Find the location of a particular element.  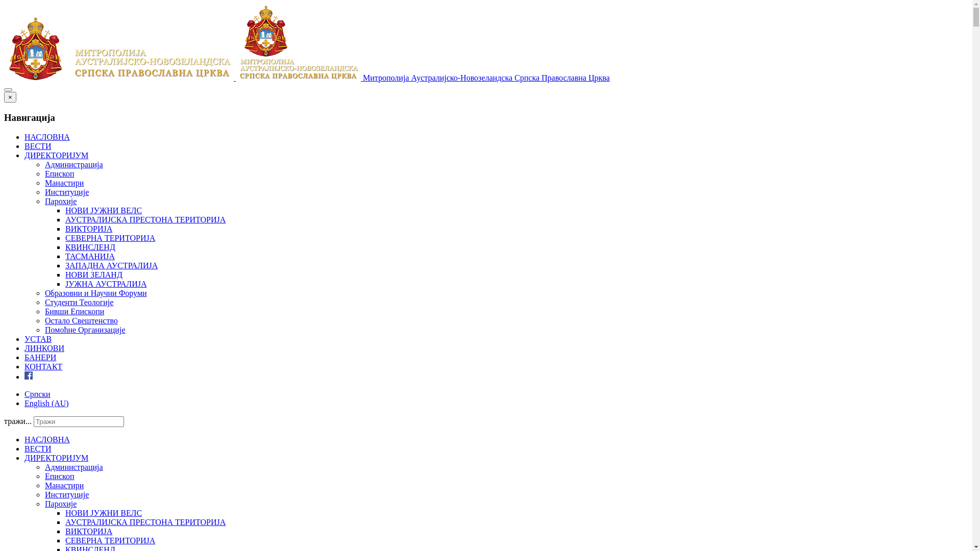

'English (AU)' is located at coordinates (46, 403).